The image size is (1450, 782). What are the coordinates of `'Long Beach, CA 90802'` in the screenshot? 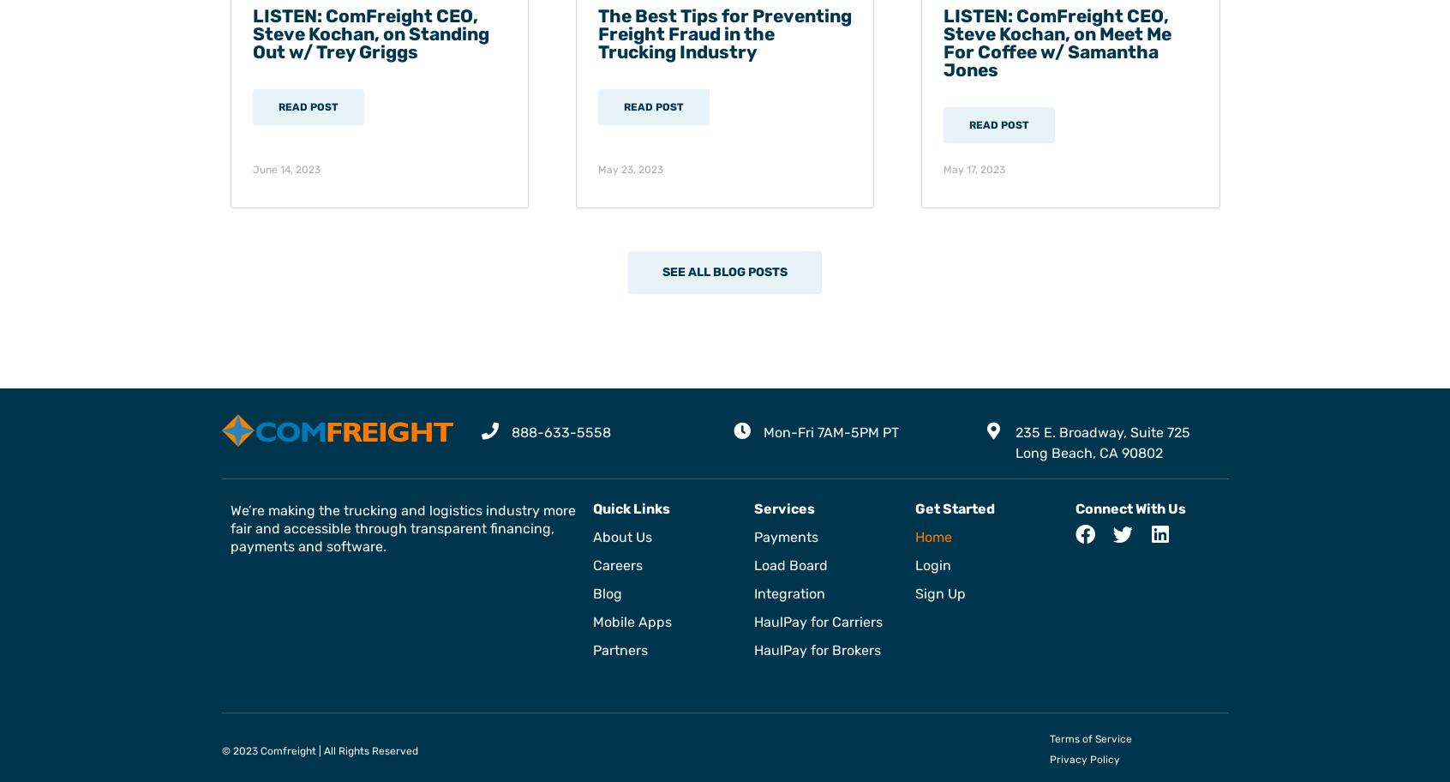 It's located at (1087, 451).